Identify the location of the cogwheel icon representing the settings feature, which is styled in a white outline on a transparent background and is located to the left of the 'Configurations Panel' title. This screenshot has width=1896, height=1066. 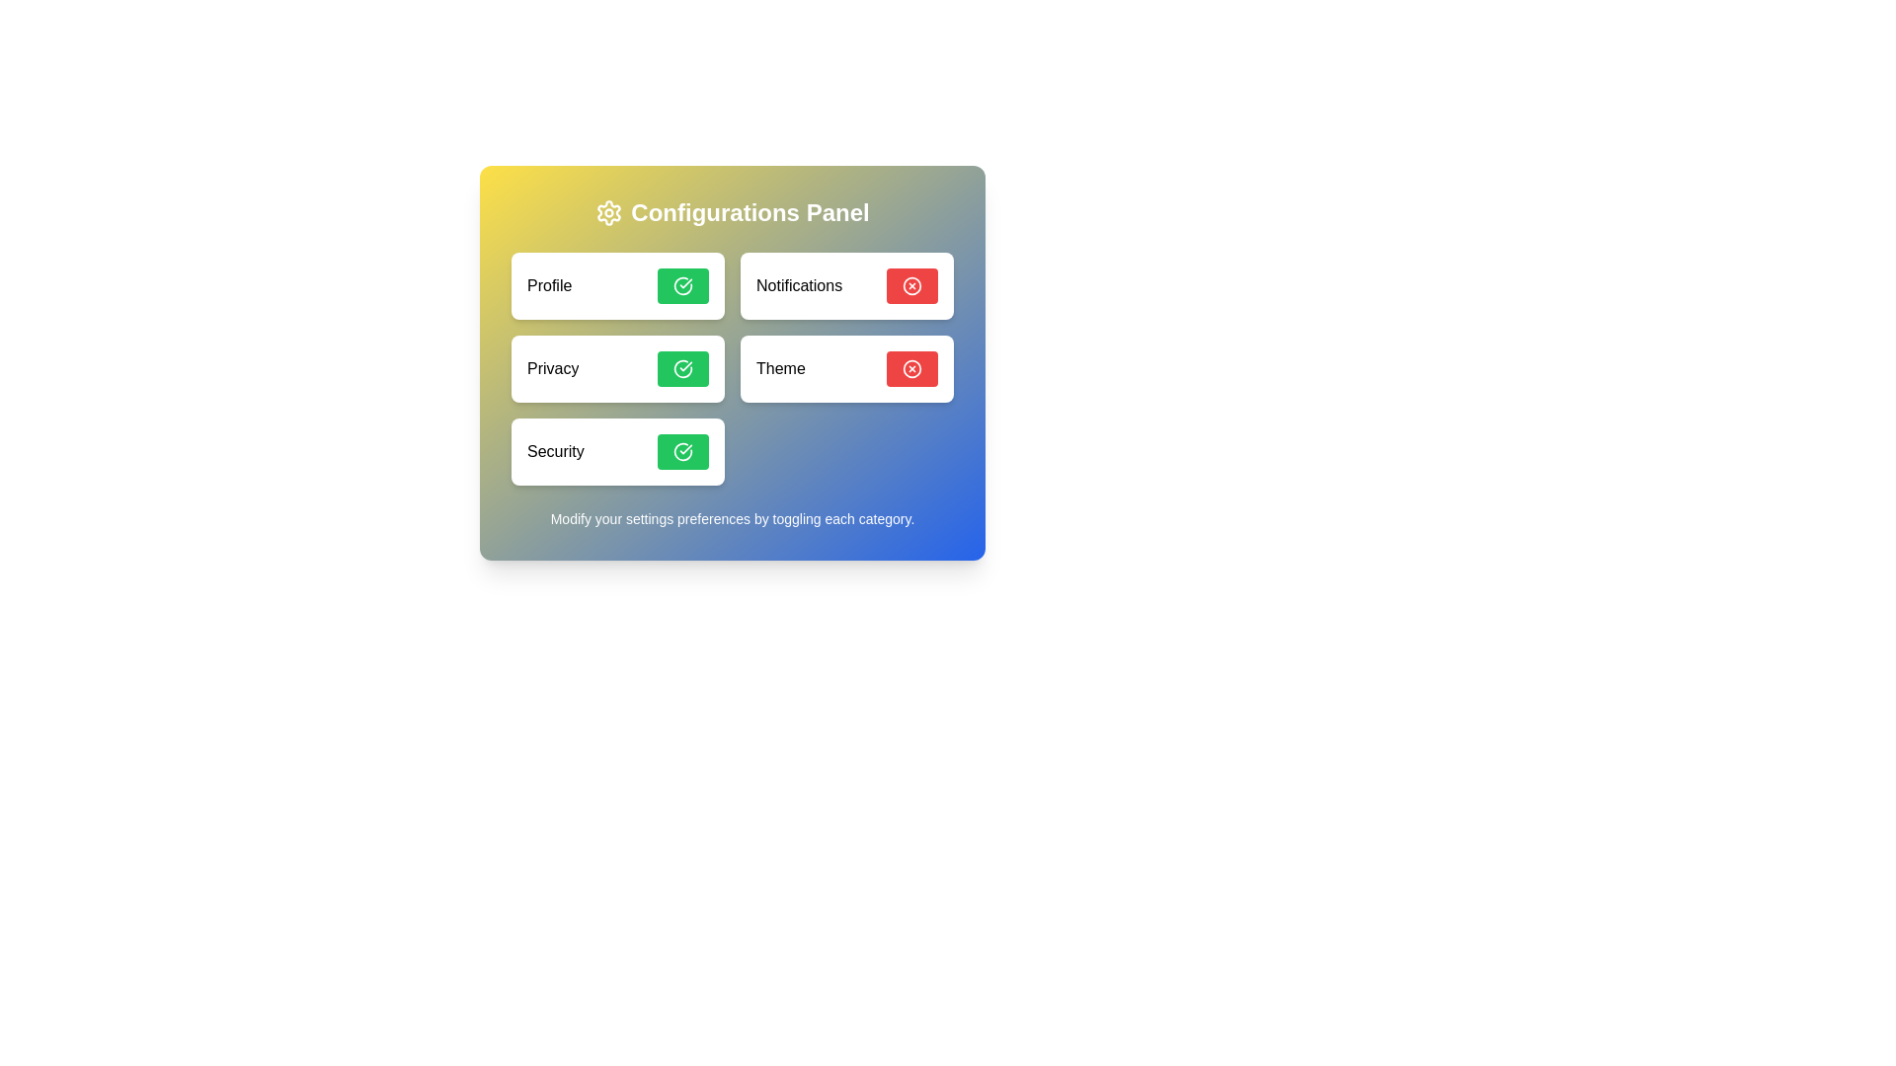
(608, 213).